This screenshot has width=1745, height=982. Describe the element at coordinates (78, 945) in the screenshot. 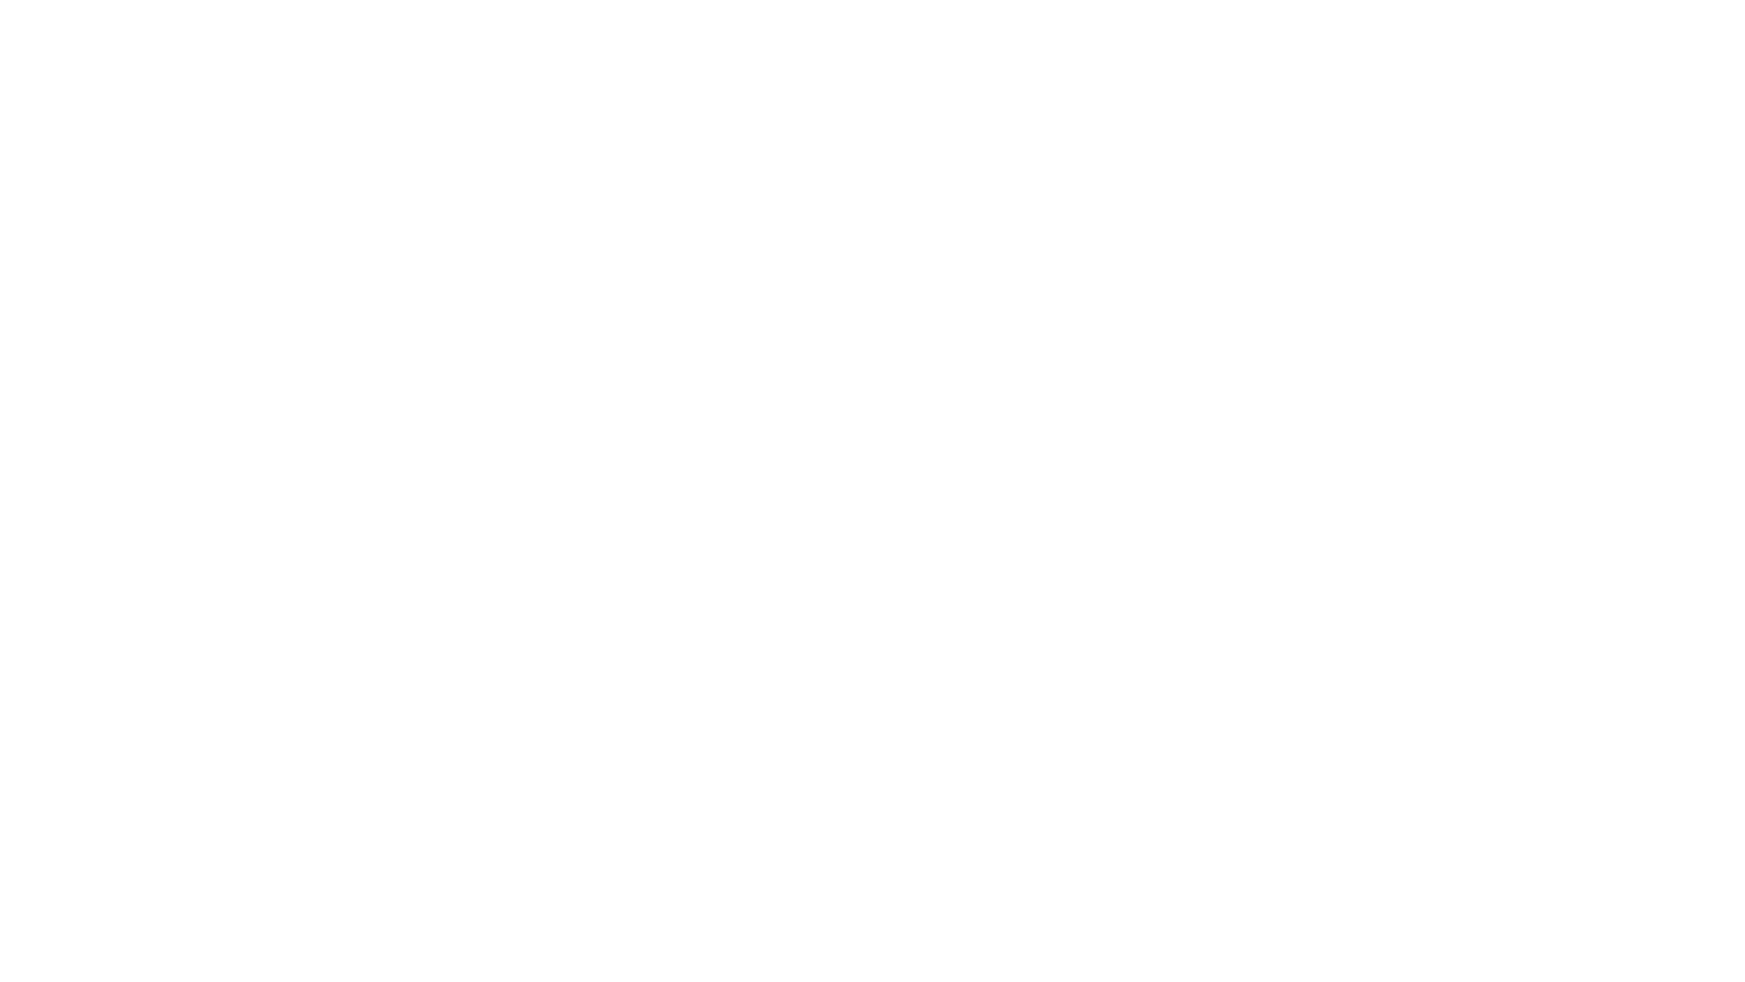

I see `Play` at that location.